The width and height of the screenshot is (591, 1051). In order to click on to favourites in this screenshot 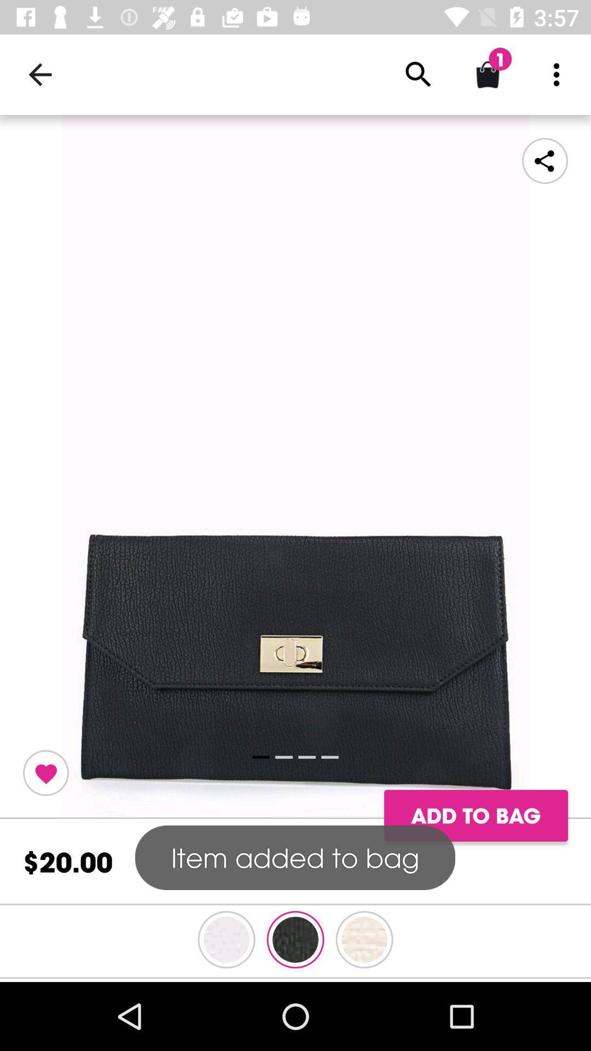, I will do `click(45, 772)`.